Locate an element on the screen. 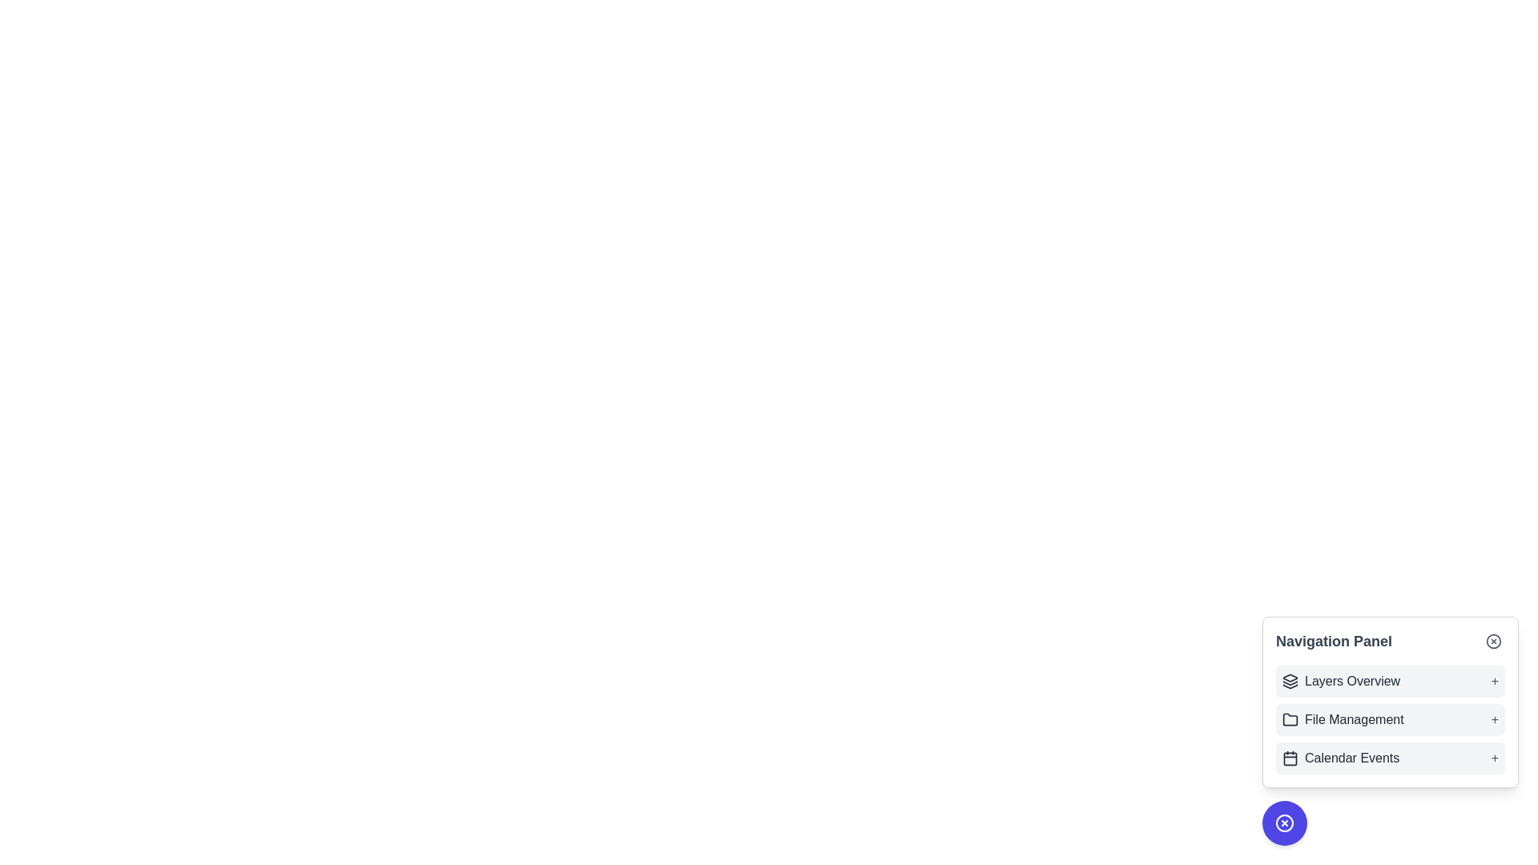 This screenshot has width=1538, height=865. the circular vector element by clicking on the center of the icon it is a part of, located beneath the 'Navigation Panel' is located at coordinates (1284, 823).